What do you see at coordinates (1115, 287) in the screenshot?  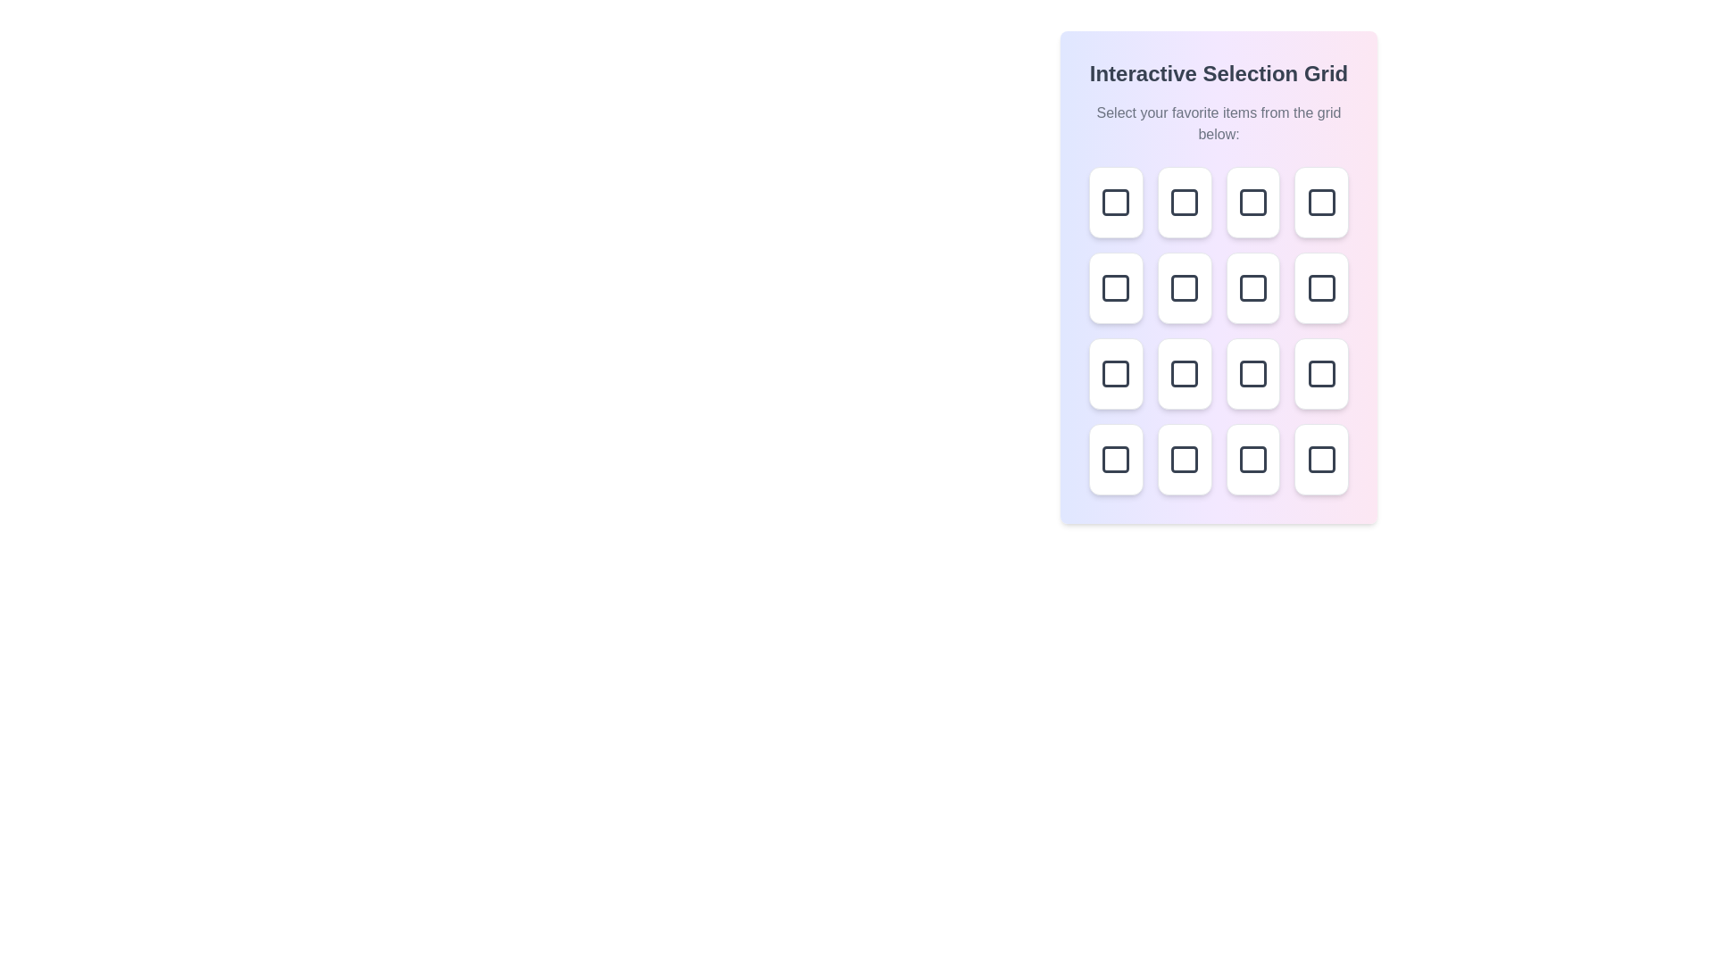 I see `the decorative square element with rounded corners located in the first column of the second row of a 4x4 grid` at bounding box center [1115, 287].